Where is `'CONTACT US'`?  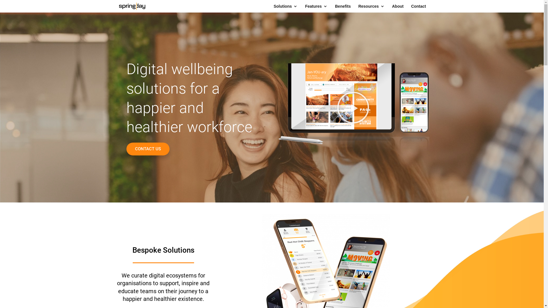
'CONTACT US' is located at coordinates (148, 149).